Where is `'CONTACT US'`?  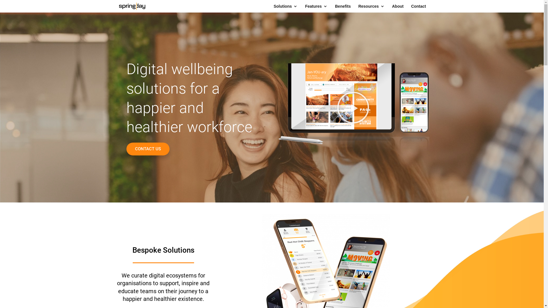
'CONTACT US' is located at coordinates (148, 149).